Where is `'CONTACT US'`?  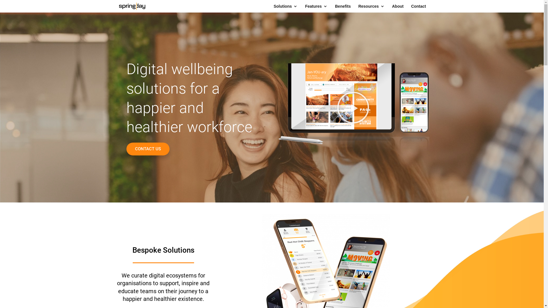
'CONTACT US' is located at coordinates (148, 149).